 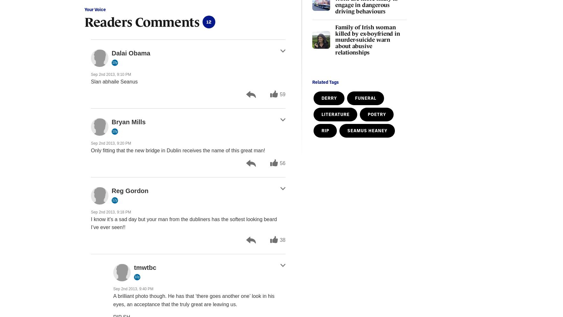 I want to click on 'Dalai Obama', so click(x=130, y=53).